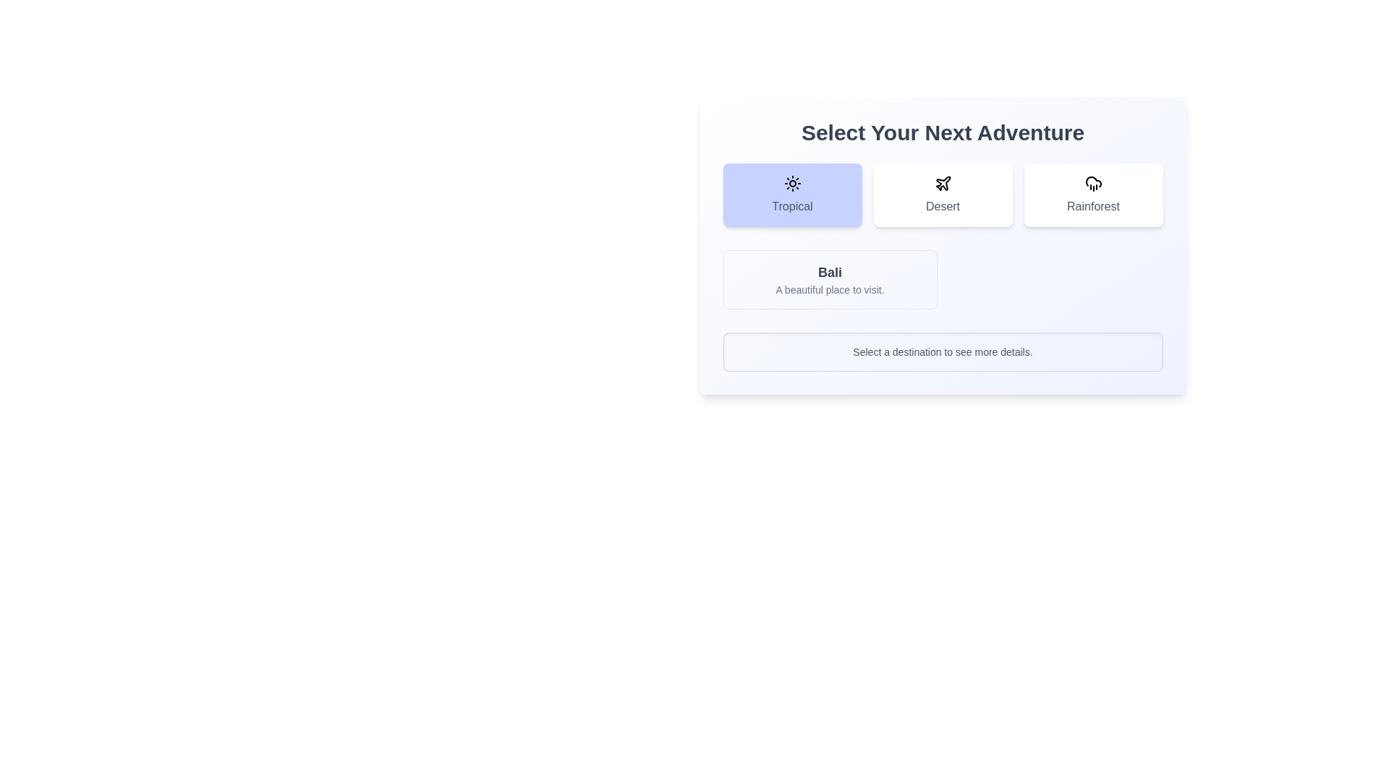  I want to click on the interactive card component representing the 'Bali' travel destination located in the bottom left corner of the grid layout, so click(830, 279).